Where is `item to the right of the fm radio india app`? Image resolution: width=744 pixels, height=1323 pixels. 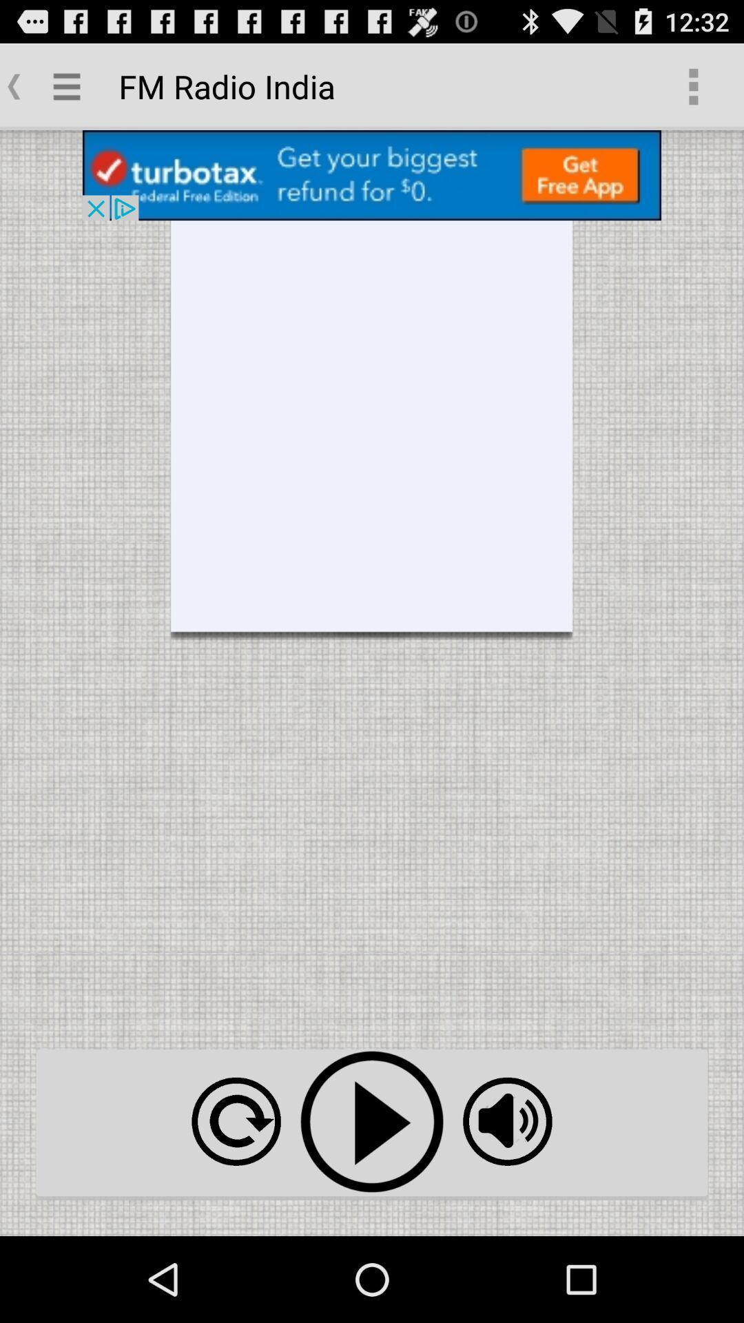 item to the right of the fm radio india app is located at coordinates (693, 85).